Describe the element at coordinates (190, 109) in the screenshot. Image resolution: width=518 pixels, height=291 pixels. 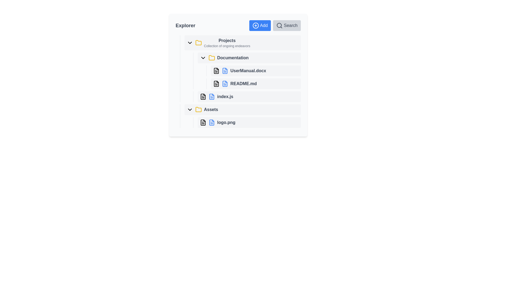
I see `the downward-pointing chevron icon located in the 'Assets' section` at that location.